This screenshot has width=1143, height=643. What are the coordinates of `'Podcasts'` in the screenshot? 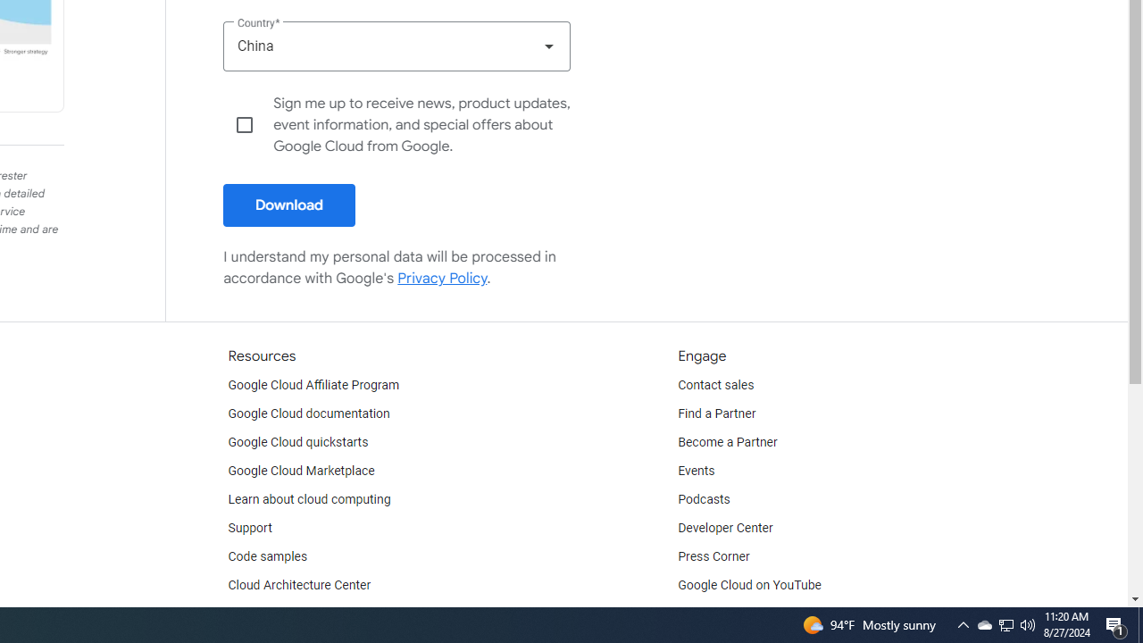 It's located at (703, 500).